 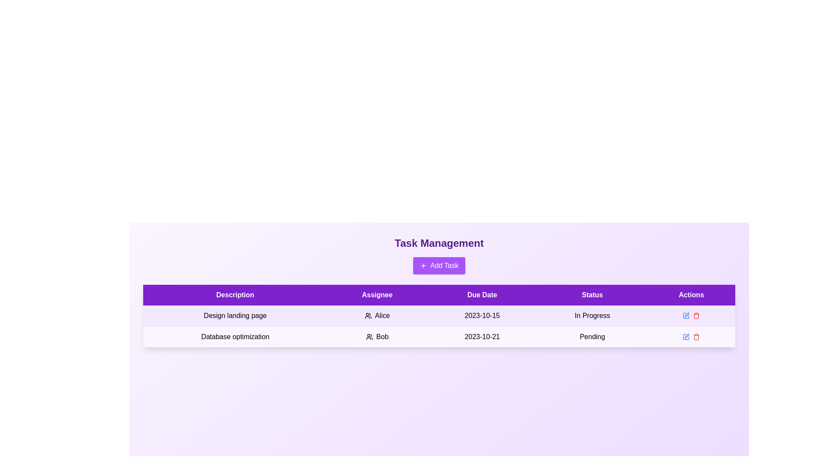 What do you see at coordinates (592, 316) in the screenshot?
I see `the 'In Progress' text label in the 'Status' column of the first row of the task table, which is displayed in black font and is part of a purple and white color scheme` at bounding box center [592, 316].